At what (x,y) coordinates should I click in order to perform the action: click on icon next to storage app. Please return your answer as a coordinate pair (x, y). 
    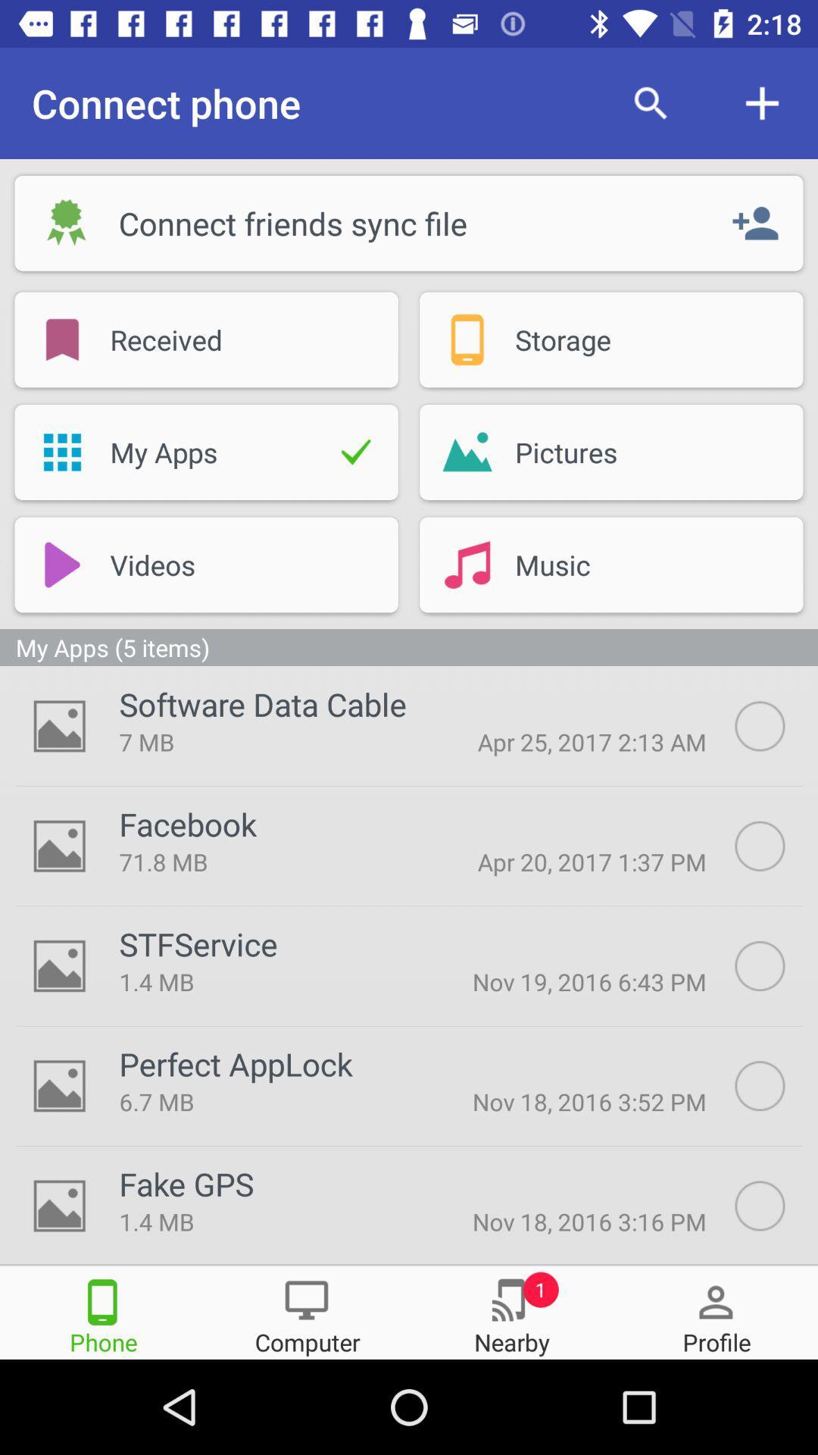
    Looking at the image, I should click on (467, 339).